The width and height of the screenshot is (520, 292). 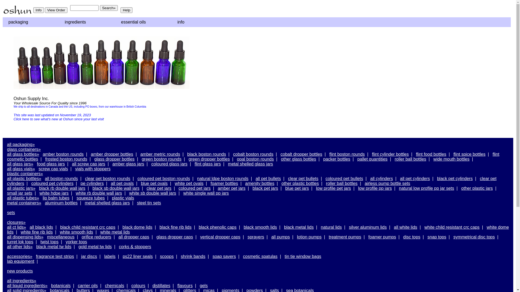 I want to click on 'sets', so click(x=11, y=212).